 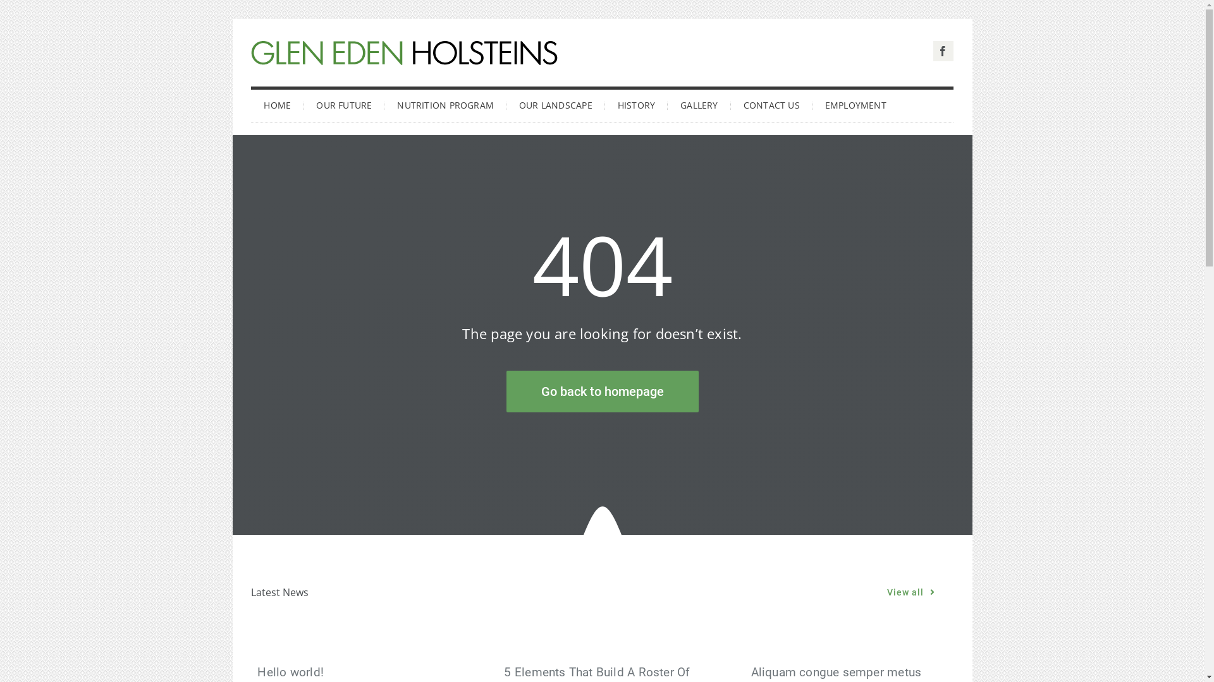 I want to click on 'GALLERY', so click(x=698, y=104).